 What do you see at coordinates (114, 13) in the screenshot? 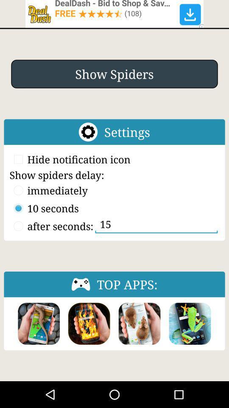
I see `redirect the user to a website` at bounding box center [114, 13].